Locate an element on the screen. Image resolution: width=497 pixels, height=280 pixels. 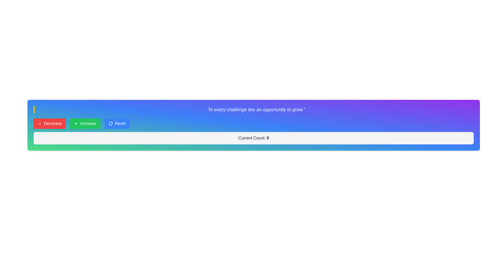
the 'Reset' button, which is a rectangular button with a blue background and white text, located to the right of the 'Increase' button is located at coordinates (117, 124).